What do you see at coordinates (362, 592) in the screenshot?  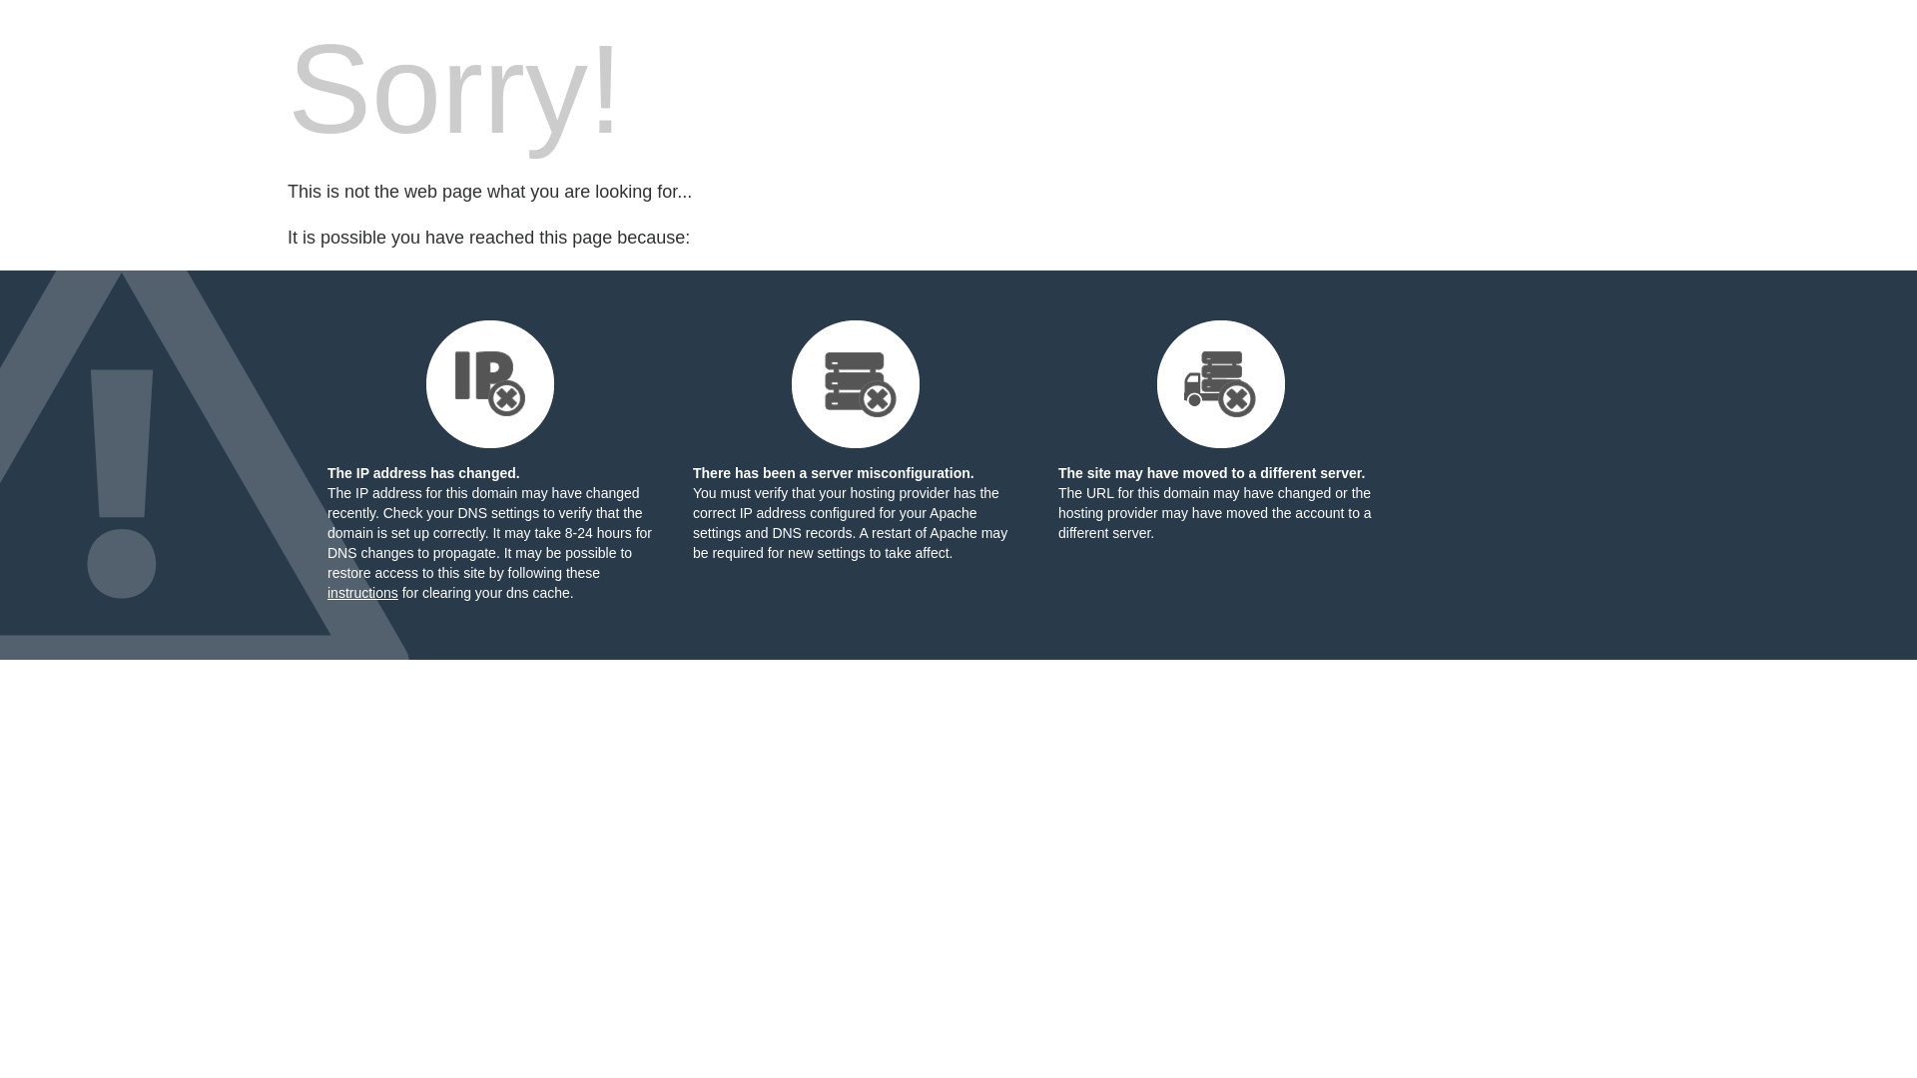 I see `'instructions'` at bounding box center [362, 592].